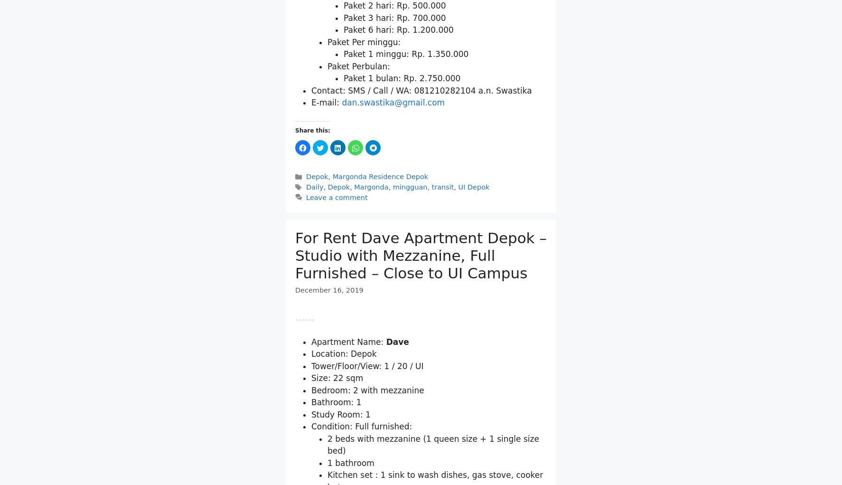 Image resolution: width=842 pixels, height=485 pixels. Describe the element at coordinates (474, 297) in the screenshot. I see `'UI Depok'` at that location.